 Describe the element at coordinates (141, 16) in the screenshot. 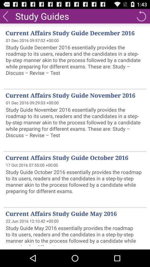

I see `the item to the right of study guides item` at that location.